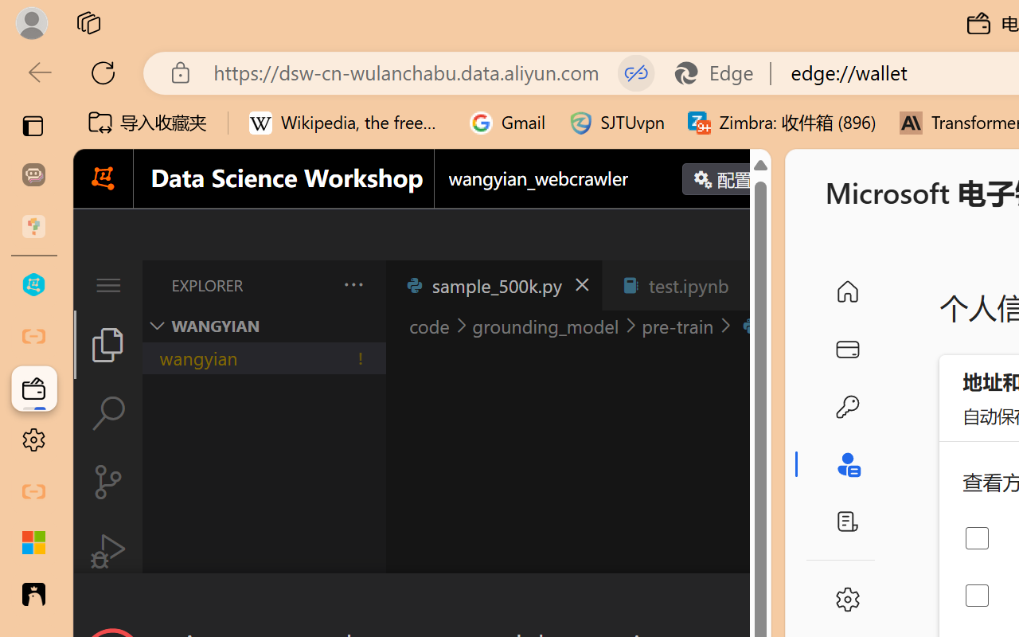 The width and height of the screenshot is (1019, 637). What do you see at coordinates (351, 284) in the screenshot?
I see `'Views and More Actions...'` at bounding box center [351, 284].